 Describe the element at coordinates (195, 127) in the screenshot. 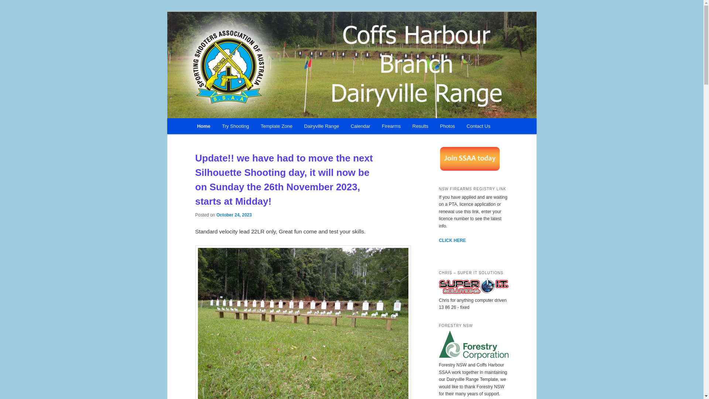

I see `'Skip to secondary content'` at that location.